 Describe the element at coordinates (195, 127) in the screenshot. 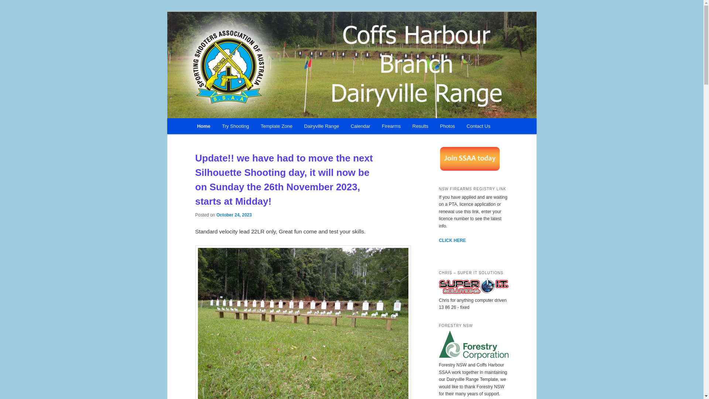

I see `'Skip to secondary content'` at that location.